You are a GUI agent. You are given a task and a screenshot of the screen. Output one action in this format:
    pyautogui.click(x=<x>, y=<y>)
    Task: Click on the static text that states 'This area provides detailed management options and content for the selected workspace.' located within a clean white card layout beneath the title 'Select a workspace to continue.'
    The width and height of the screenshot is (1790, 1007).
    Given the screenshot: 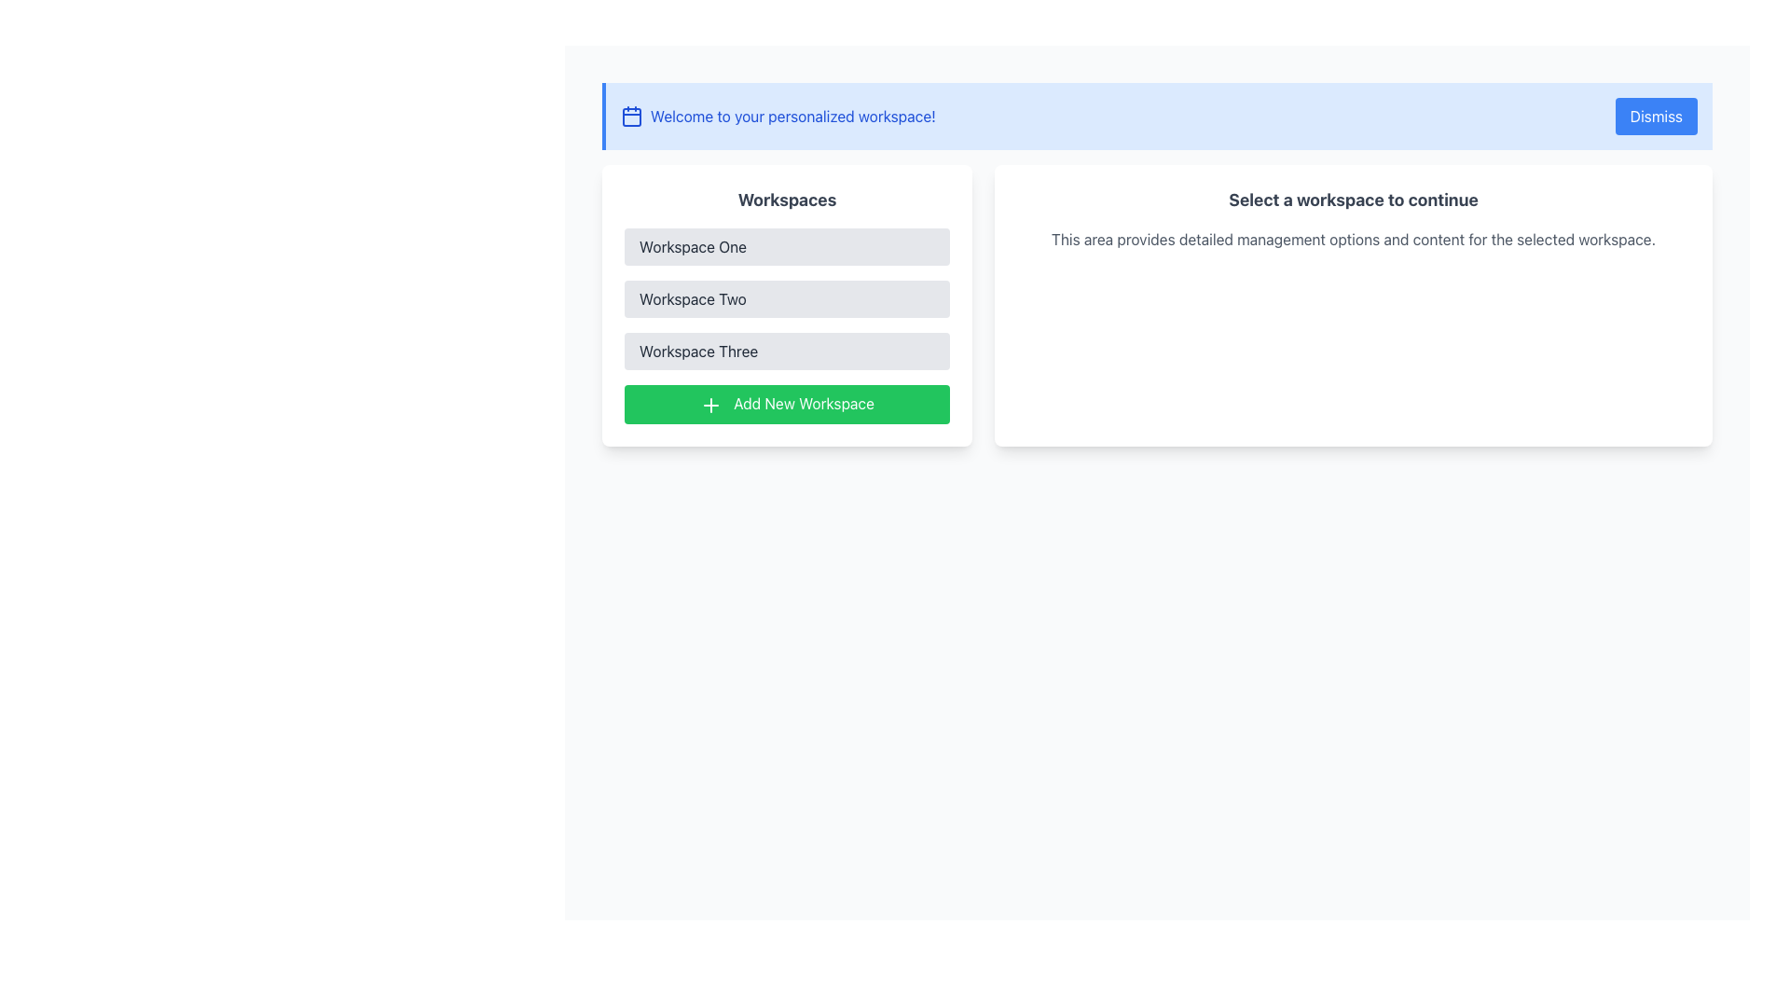 What is the action you would take?
    pyautogui.click(x=1353, y=239)
    